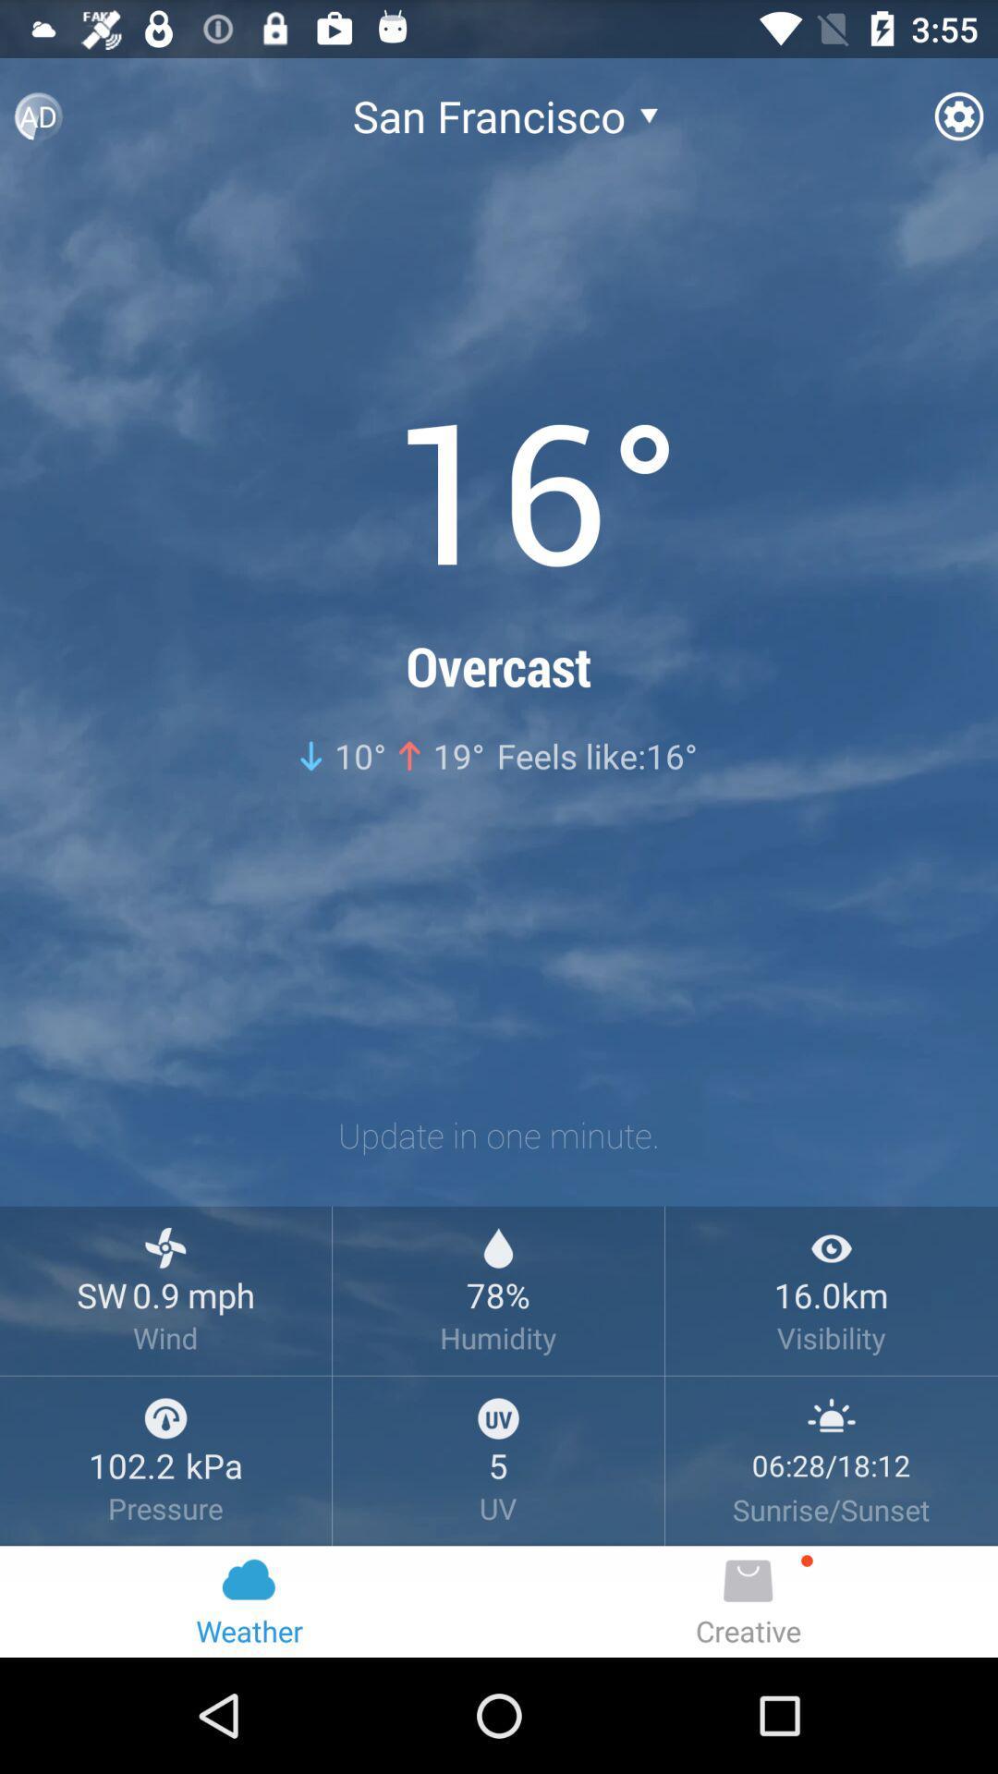  I want to click on the settings icon, so click(957, 123).